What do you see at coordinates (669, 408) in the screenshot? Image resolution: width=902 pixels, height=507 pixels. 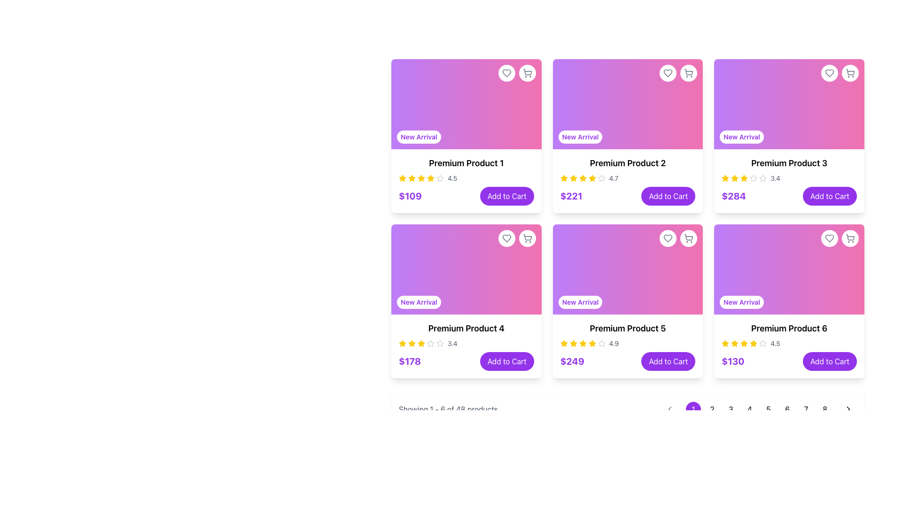 I see `the left navigation button (Chevron Icon) located to the immediate left of the active page number indicator in the pagination component` at bounding box center [669, 408].